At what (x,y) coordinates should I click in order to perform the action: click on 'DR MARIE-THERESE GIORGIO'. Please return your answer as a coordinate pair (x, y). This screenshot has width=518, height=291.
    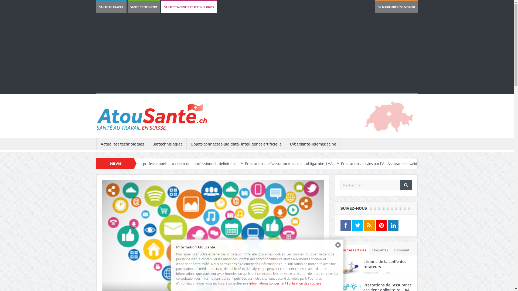
    Looking at the image, I should click on (396, 7).